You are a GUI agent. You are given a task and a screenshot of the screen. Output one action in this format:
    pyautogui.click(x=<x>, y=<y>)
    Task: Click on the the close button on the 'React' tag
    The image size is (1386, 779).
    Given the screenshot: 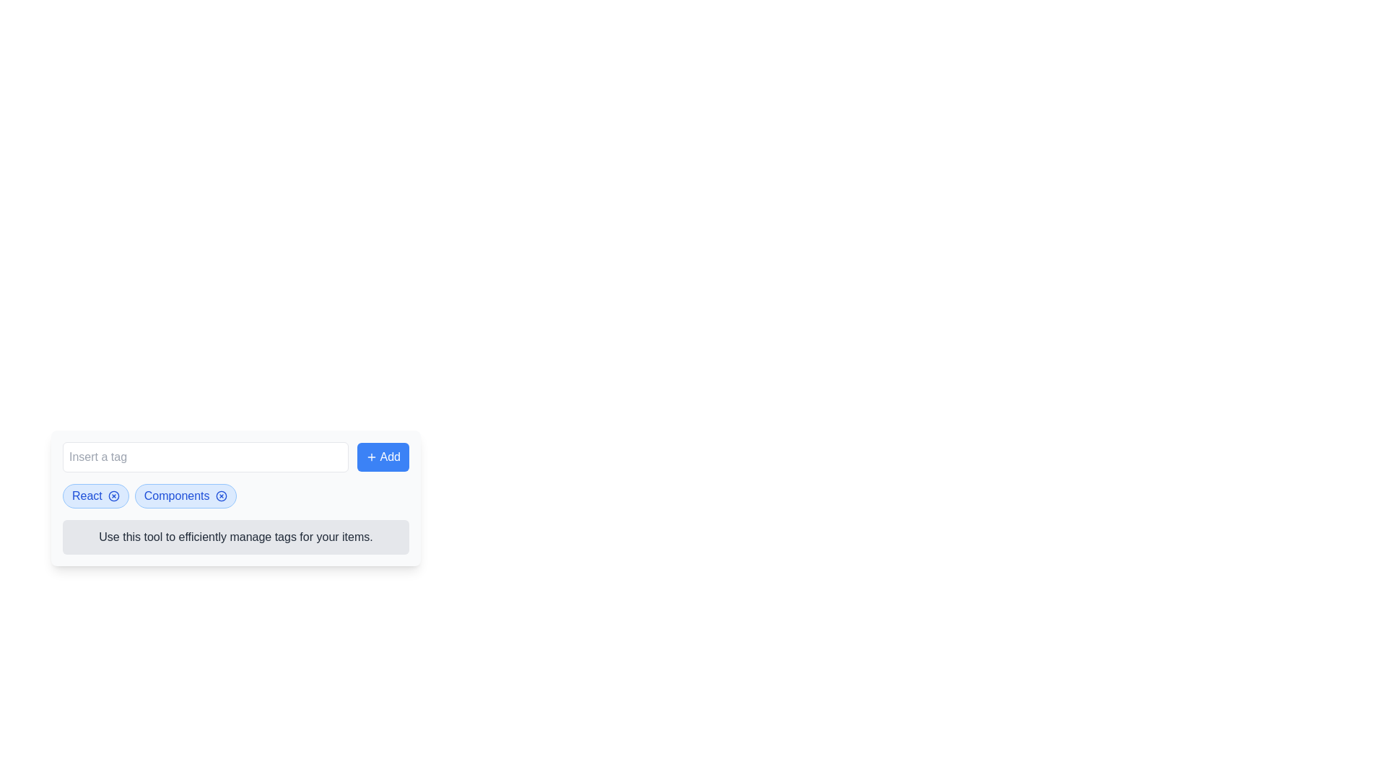 What is the action you would take?
    pyautogui.click(x=95, y=495)
    